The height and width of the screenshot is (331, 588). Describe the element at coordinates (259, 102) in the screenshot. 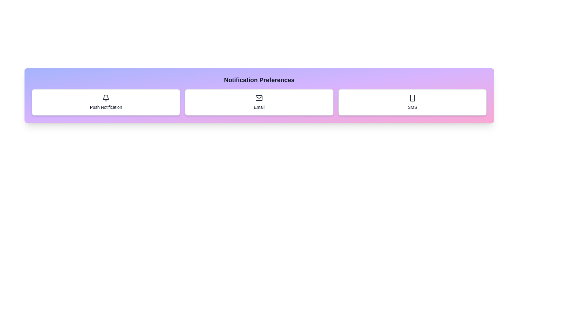

I see `the notification button labeled Email` at that location.